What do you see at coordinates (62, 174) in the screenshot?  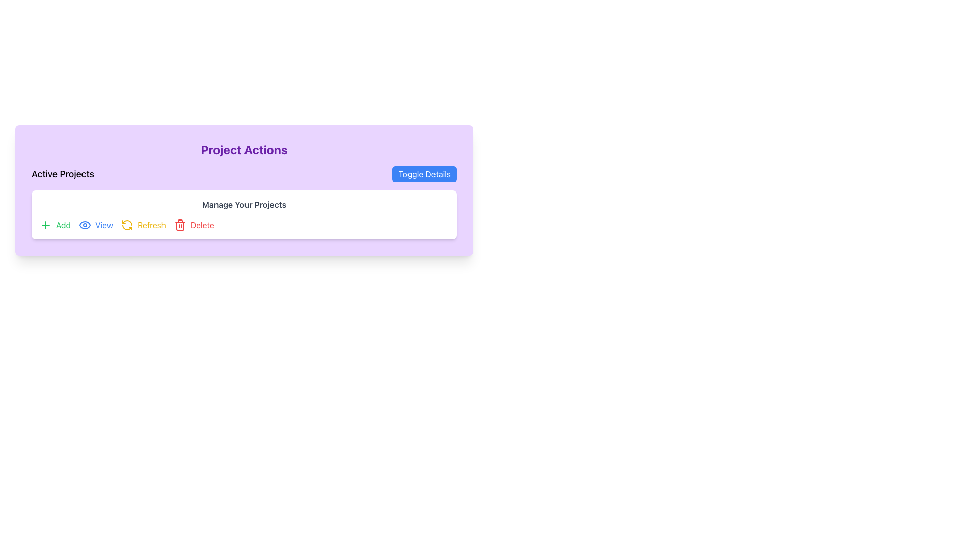 I see `the bold 'Active Projects' text label on a purple background` at bounding box center [62, 174].